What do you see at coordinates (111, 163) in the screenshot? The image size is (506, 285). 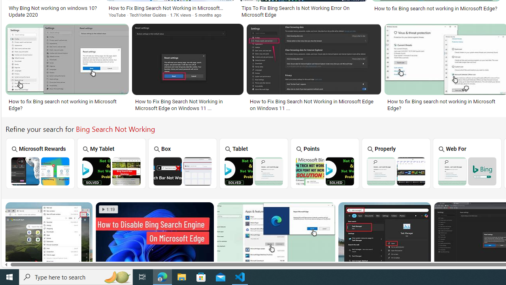 I see `'My Tablet'` at bounding box center [111, 163].